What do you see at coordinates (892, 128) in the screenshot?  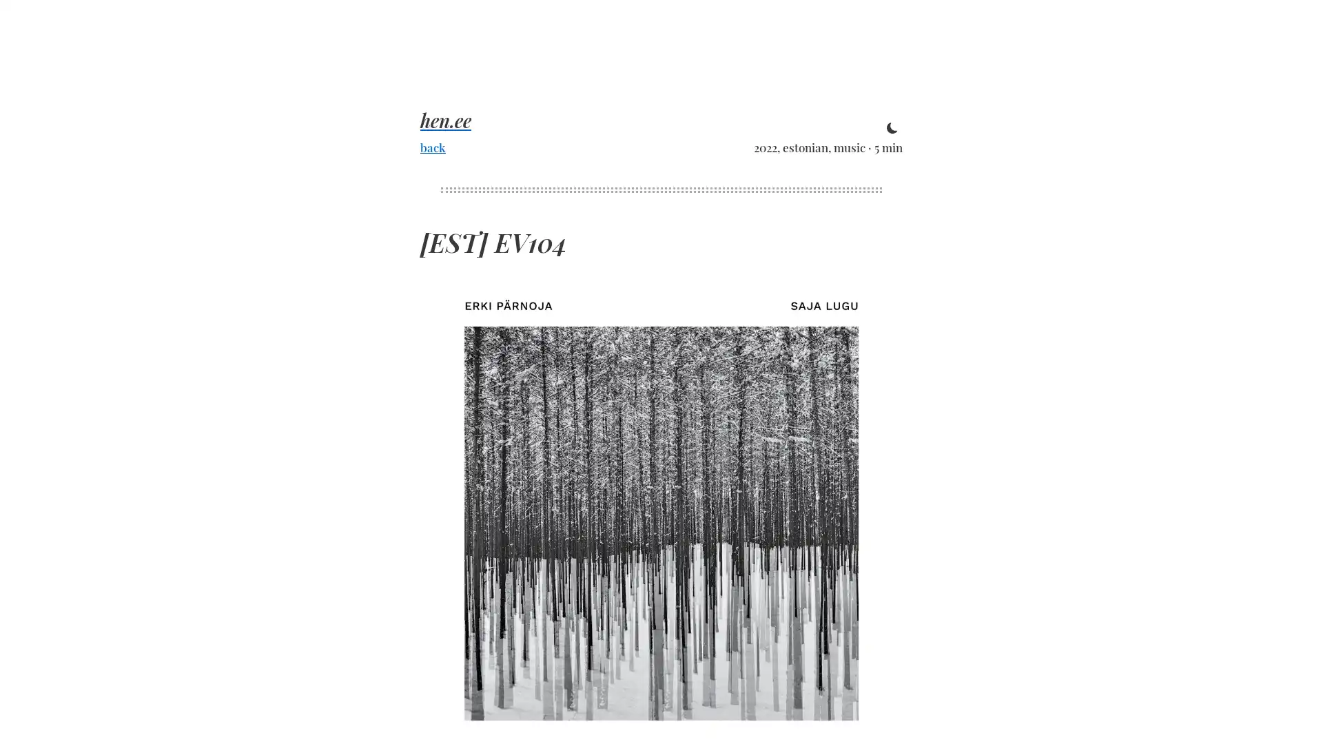 I see `toggle theme` at bounding box center [892, 128].